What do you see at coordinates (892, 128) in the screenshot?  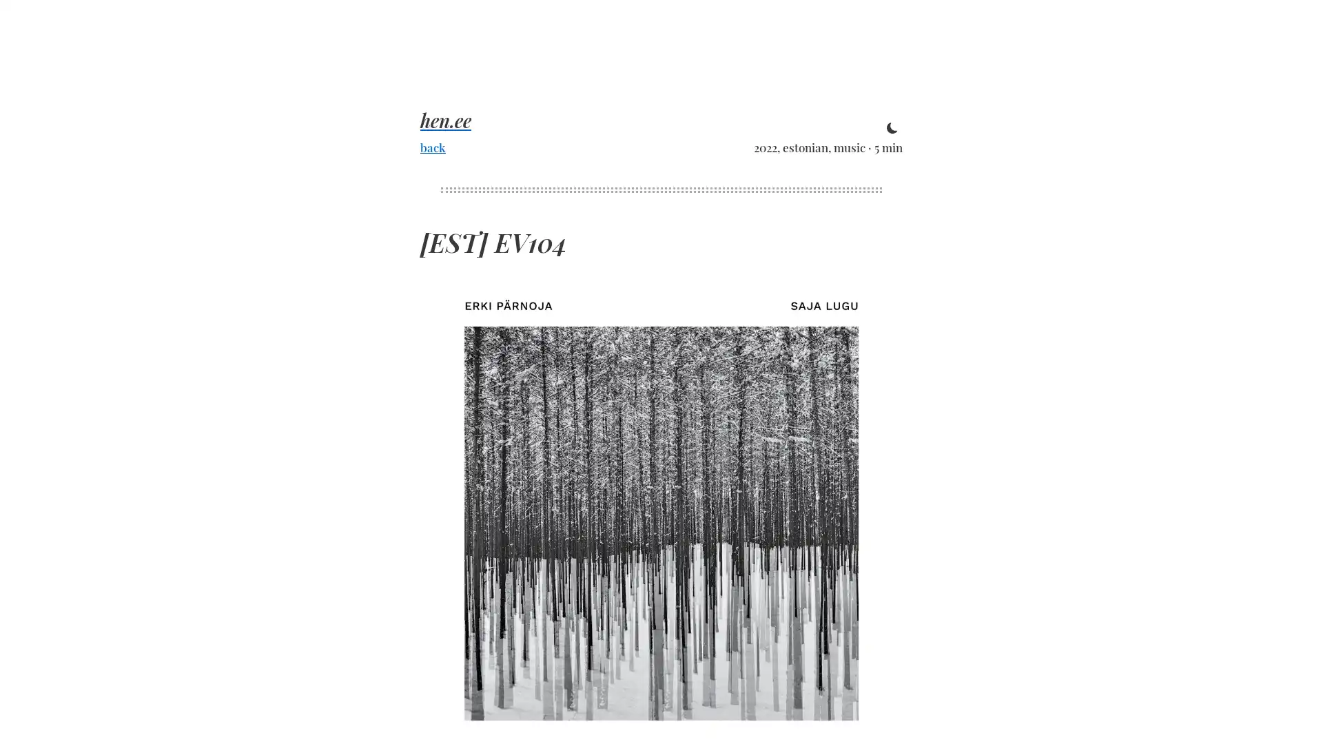 I see `toggle theme` at bounding box center [892, 128].